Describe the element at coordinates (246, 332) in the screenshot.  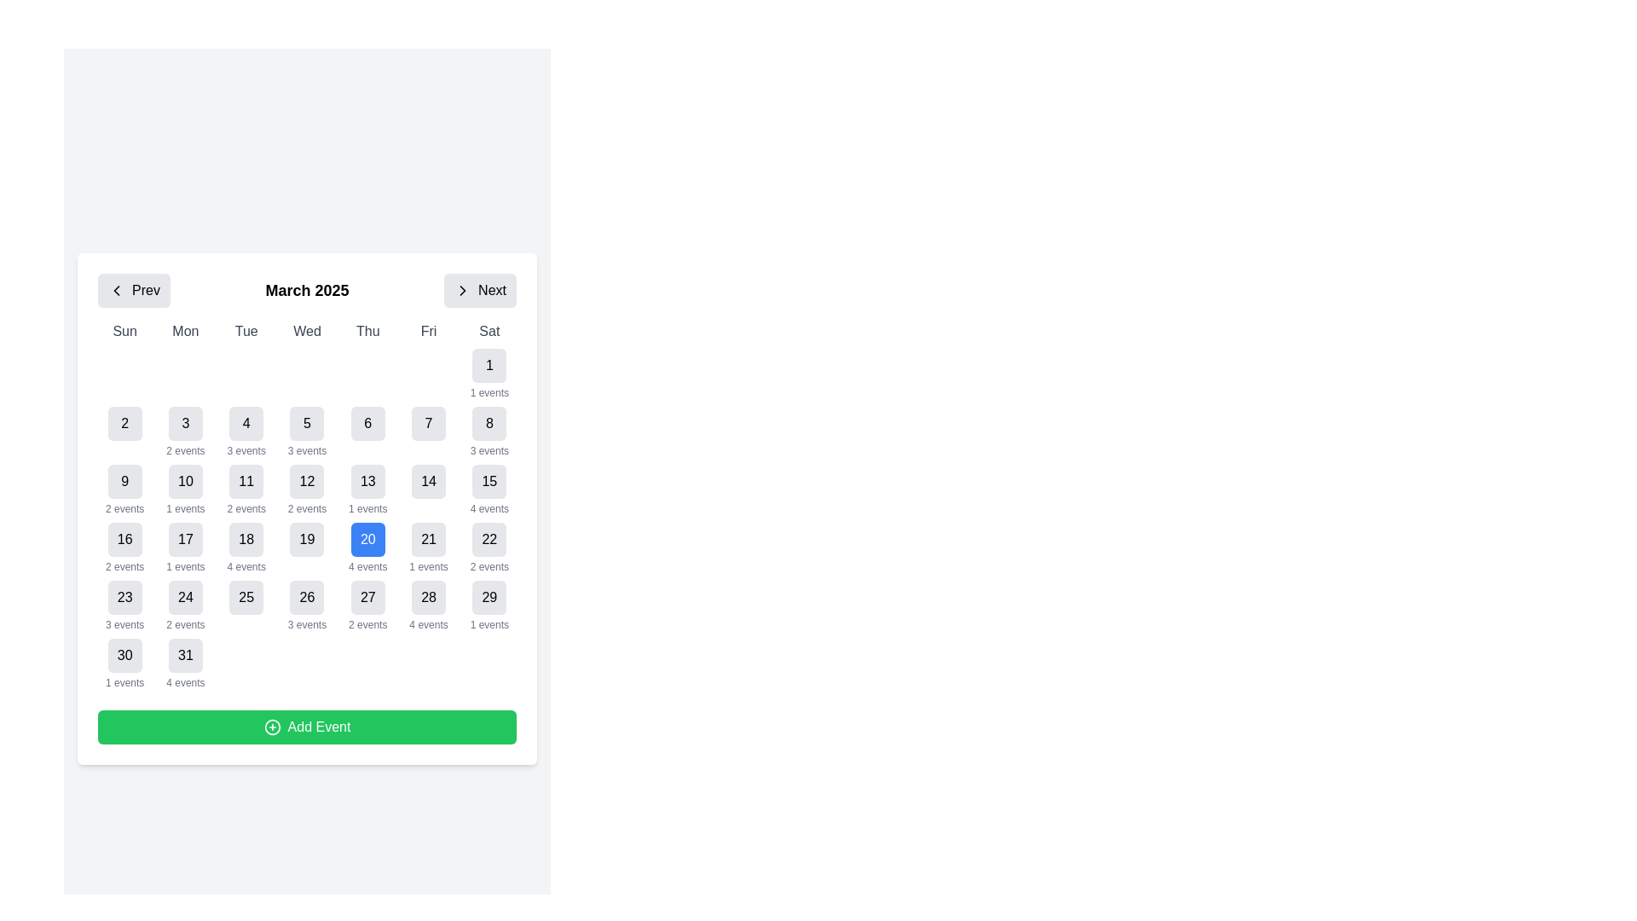
I see `the text label displaying 'Tue' in the first row of the grid layout for the calendar, which indicates Tuesday` at that location.